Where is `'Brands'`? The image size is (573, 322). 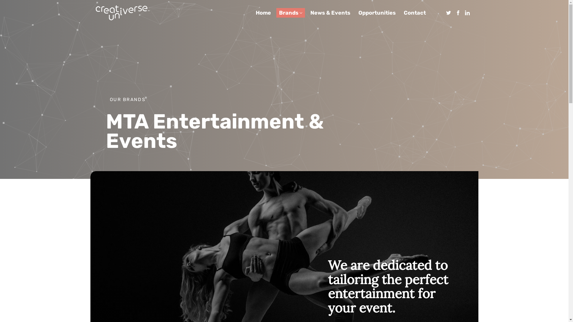
'Brands' is located at coordinates (289, 13).